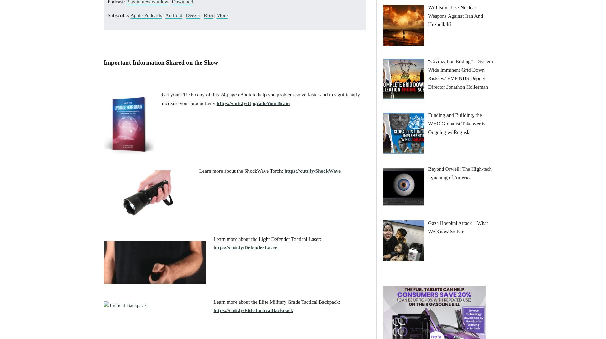  I want to click on 'Deezer', so click(193, 14).